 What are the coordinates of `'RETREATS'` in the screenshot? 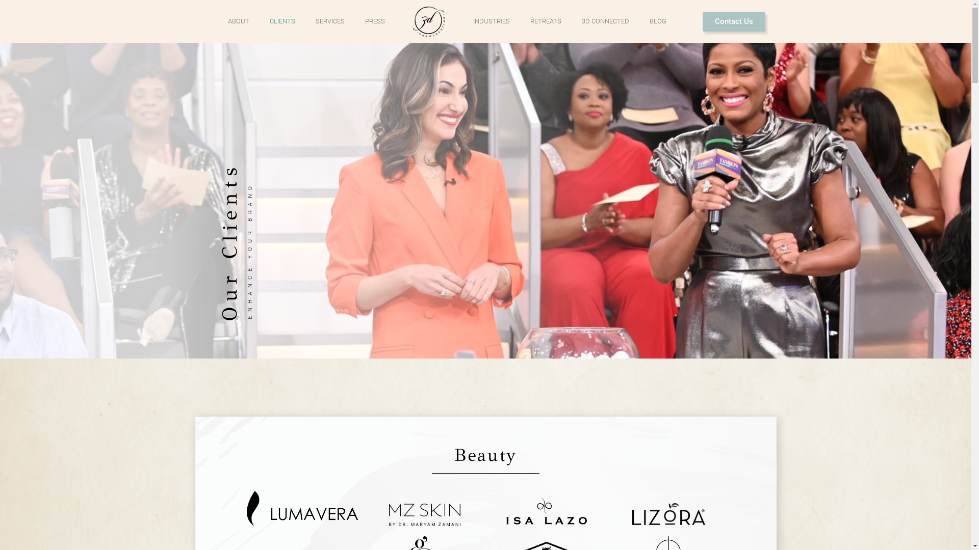 It's located at (545, 21).